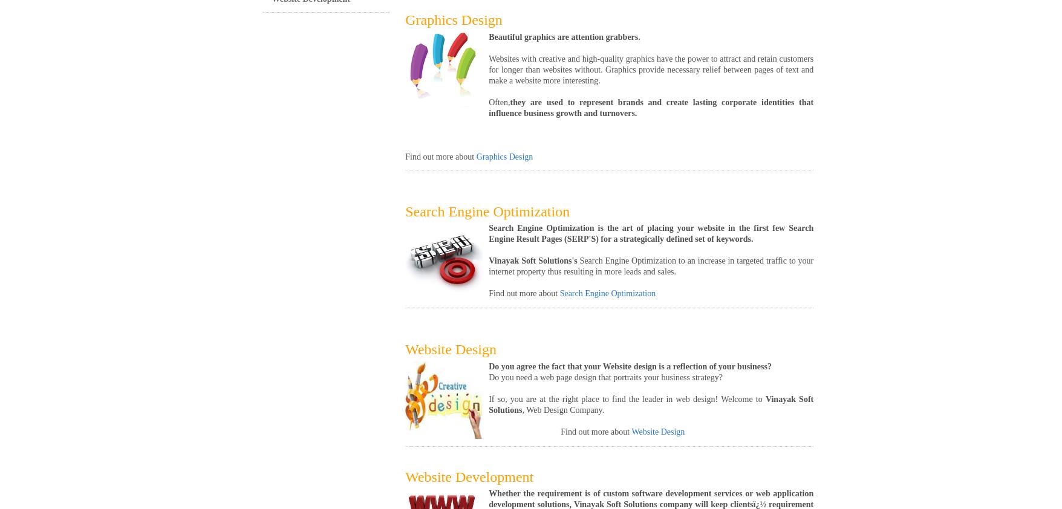 This screenshot has height=509, width=1062. What do you see at coordinates (468, 476) in the screenshot?
I see `'Website Development'` at bounding box center [468, 476].